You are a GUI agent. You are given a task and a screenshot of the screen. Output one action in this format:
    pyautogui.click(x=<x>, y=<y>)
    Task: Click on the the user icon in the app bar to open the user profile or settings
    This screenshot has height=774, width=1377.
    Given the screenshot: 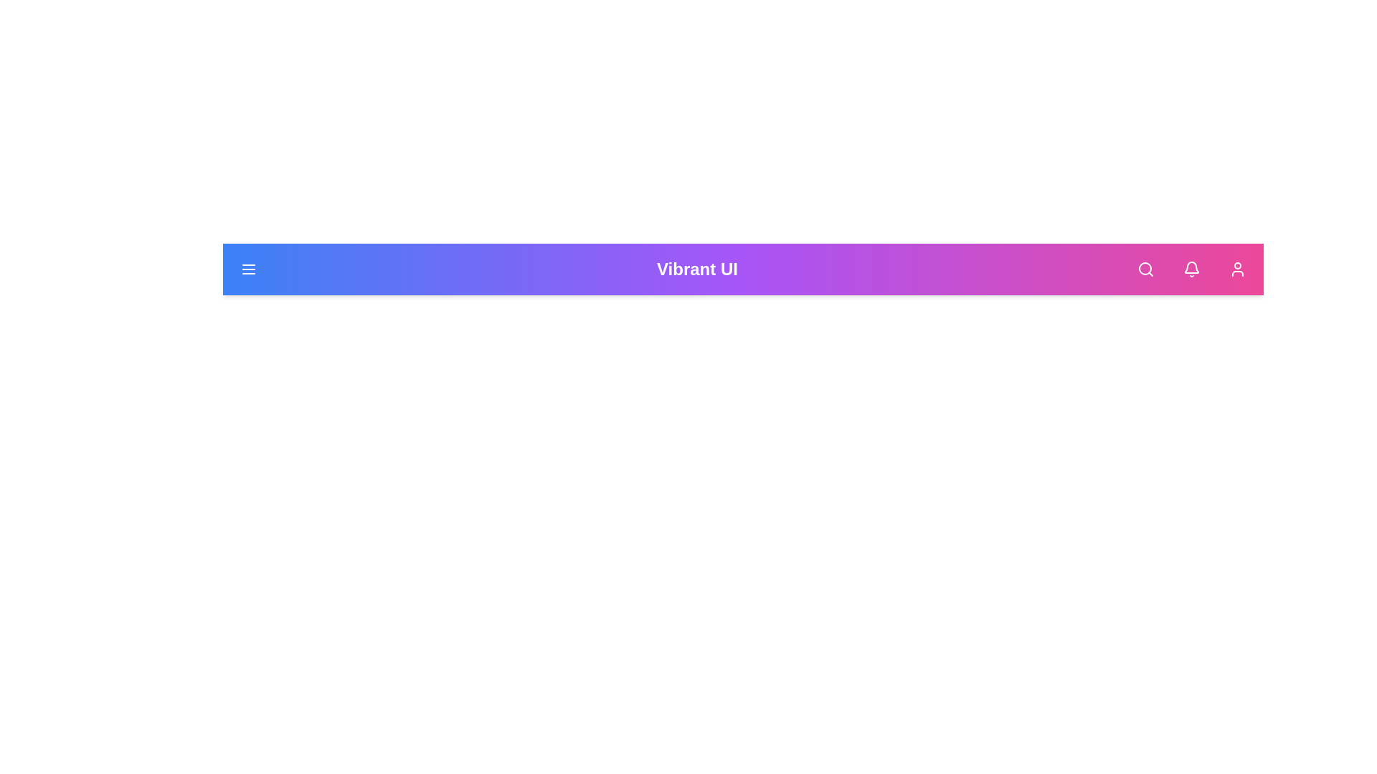 What is the action you would take?
    pyautogui.click(x=1236, y=269)
    